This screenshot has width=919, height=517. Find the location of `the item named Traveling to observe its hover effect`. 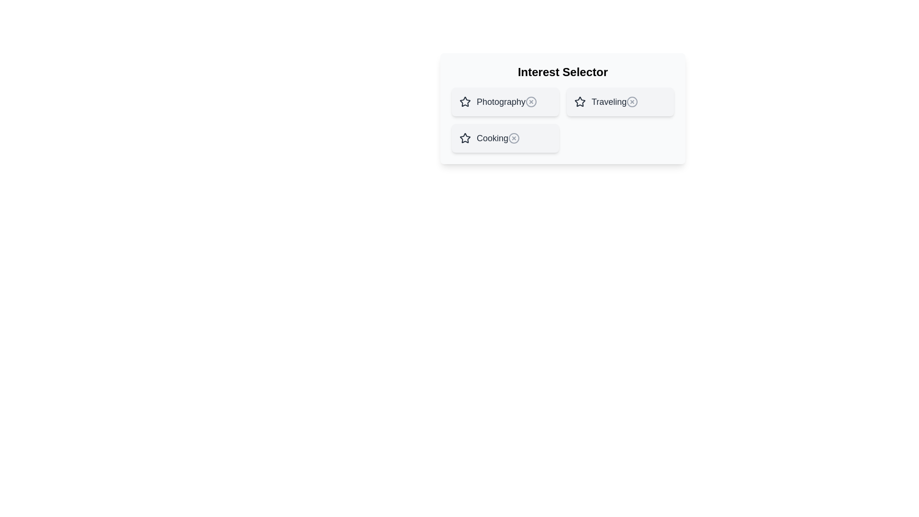

the item named Traveling to observe its hover effect is located at coordinates (620, 101).